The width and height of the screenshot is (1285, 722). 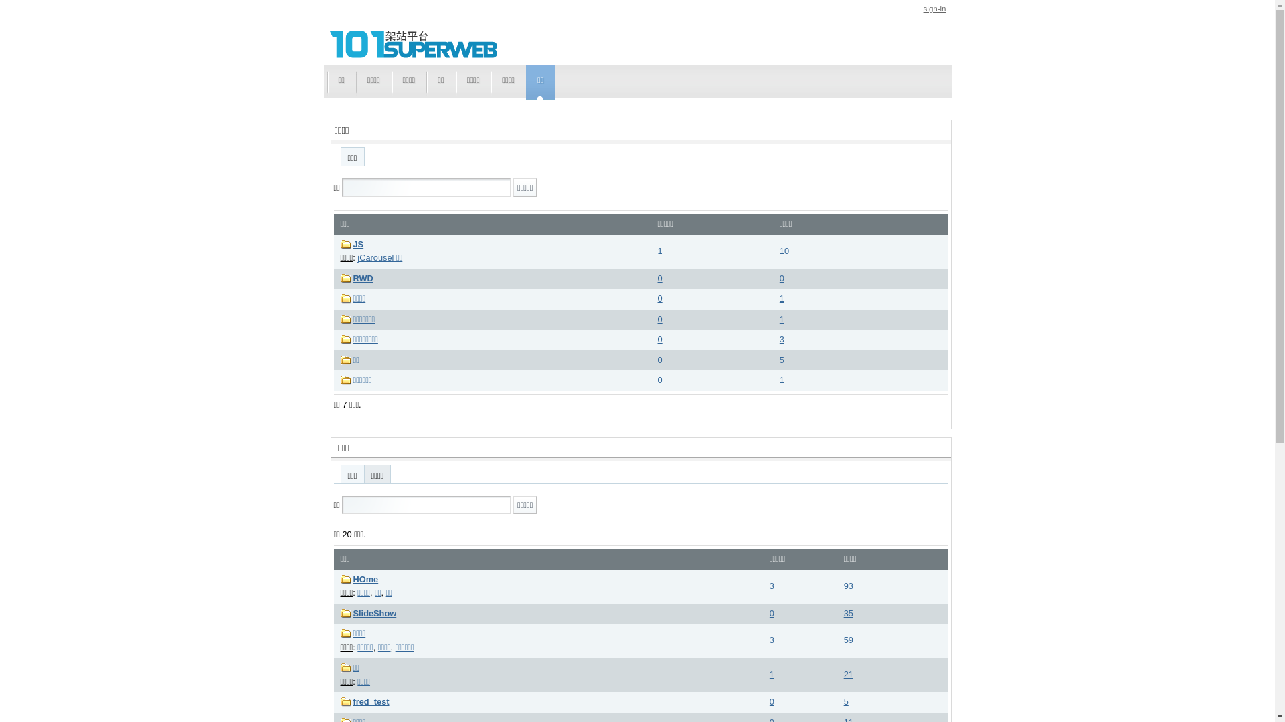 What do you see at coordinates (847, 613) in the screenshot?
I see `'35'` at bounding box center [847, 613].